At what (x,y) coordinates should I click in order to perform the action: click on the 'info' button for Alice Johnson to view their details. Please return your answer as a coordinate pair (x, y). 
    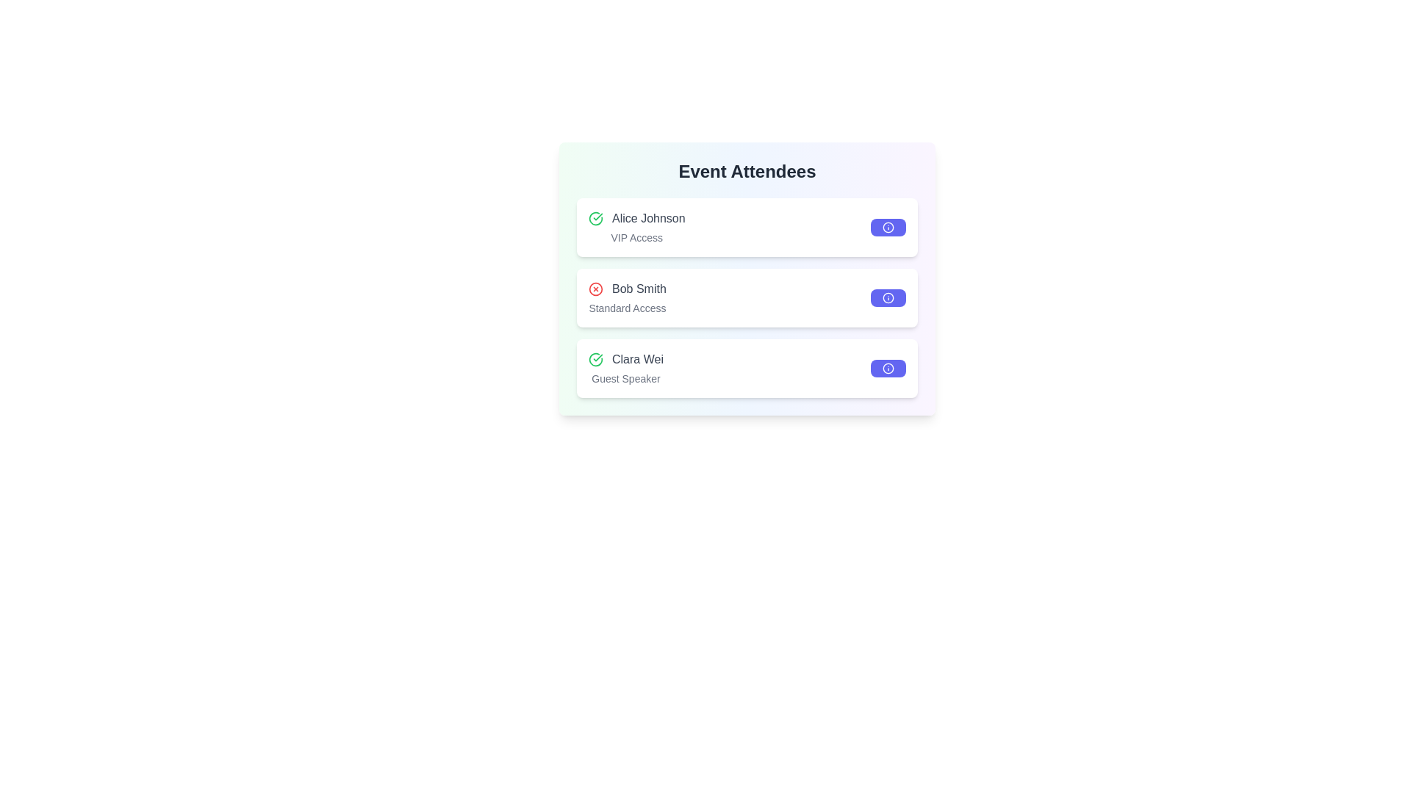
    Looking at the image, I should click on (888, 227).